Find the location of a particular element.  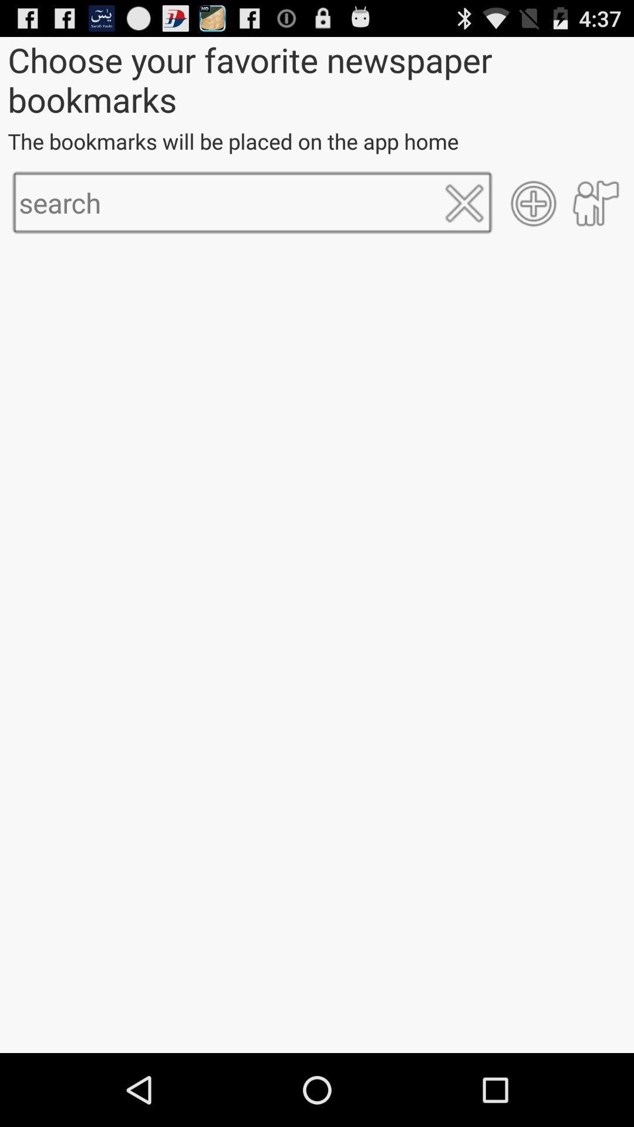

the app below the bookmarks will is located at coordinates (534, 203).